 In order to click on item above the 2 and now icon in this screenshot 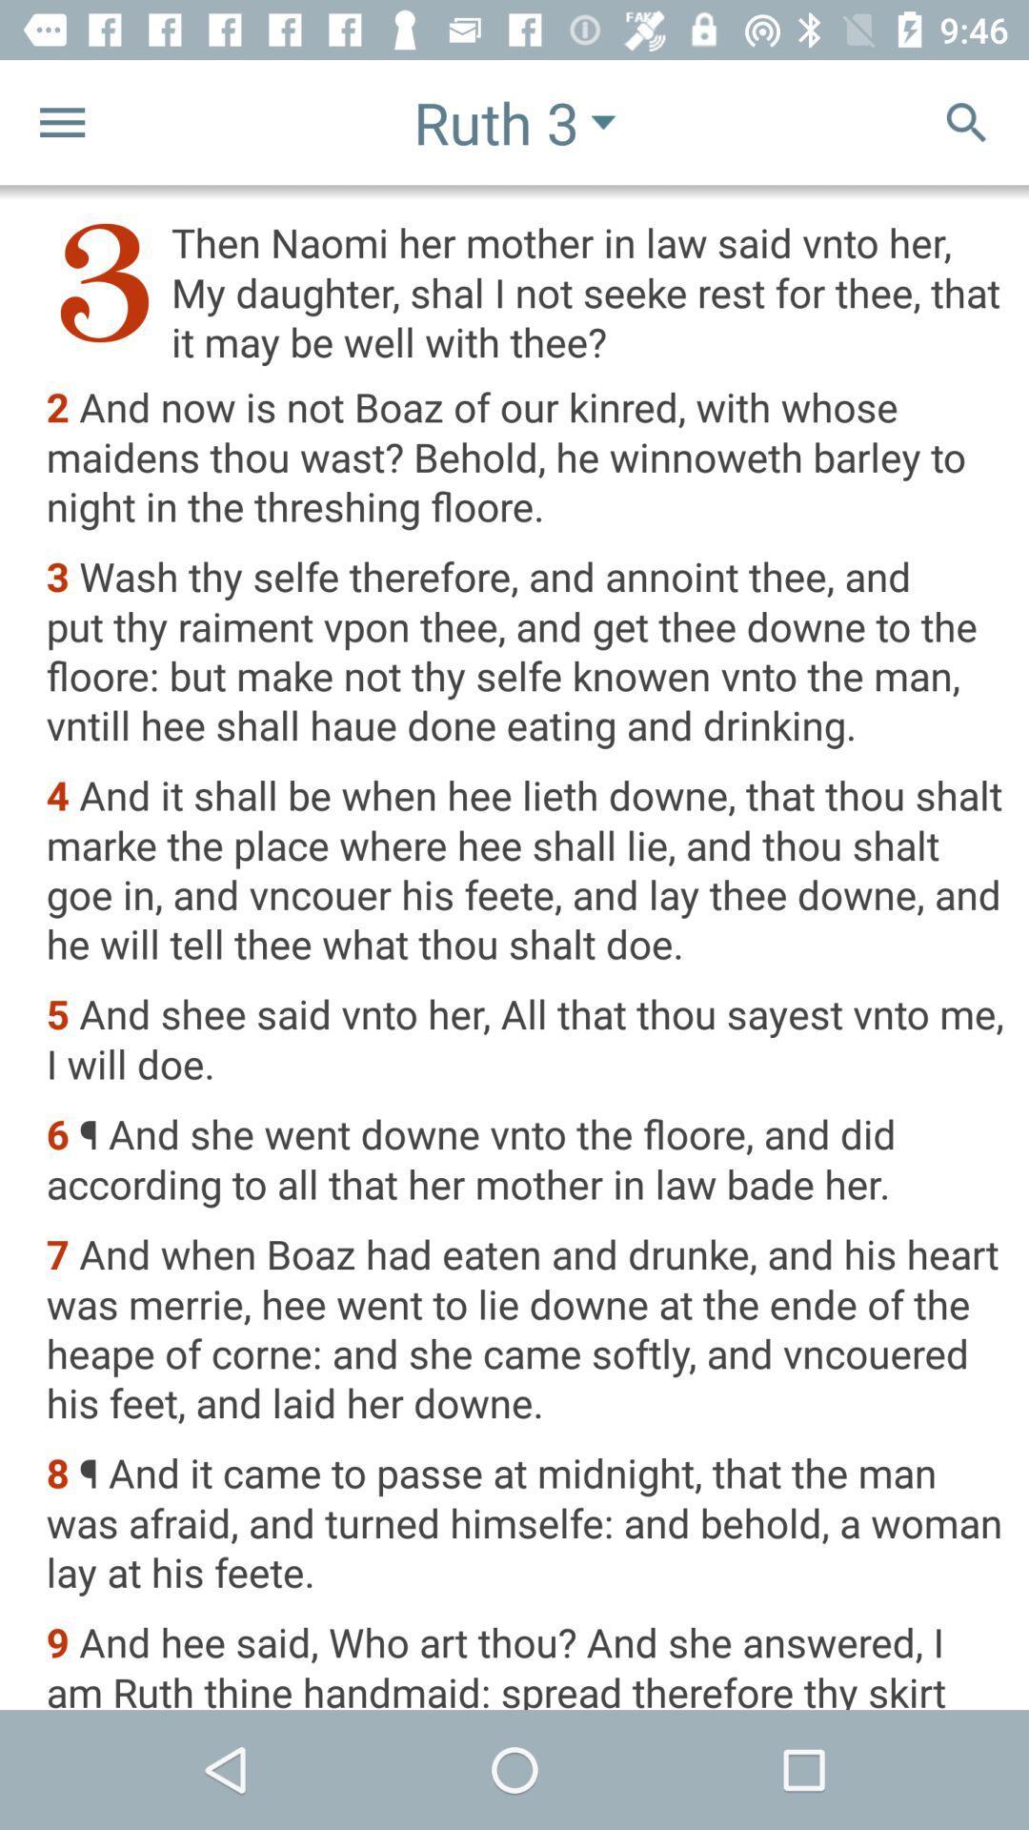, I will do `click(525, 291)`.